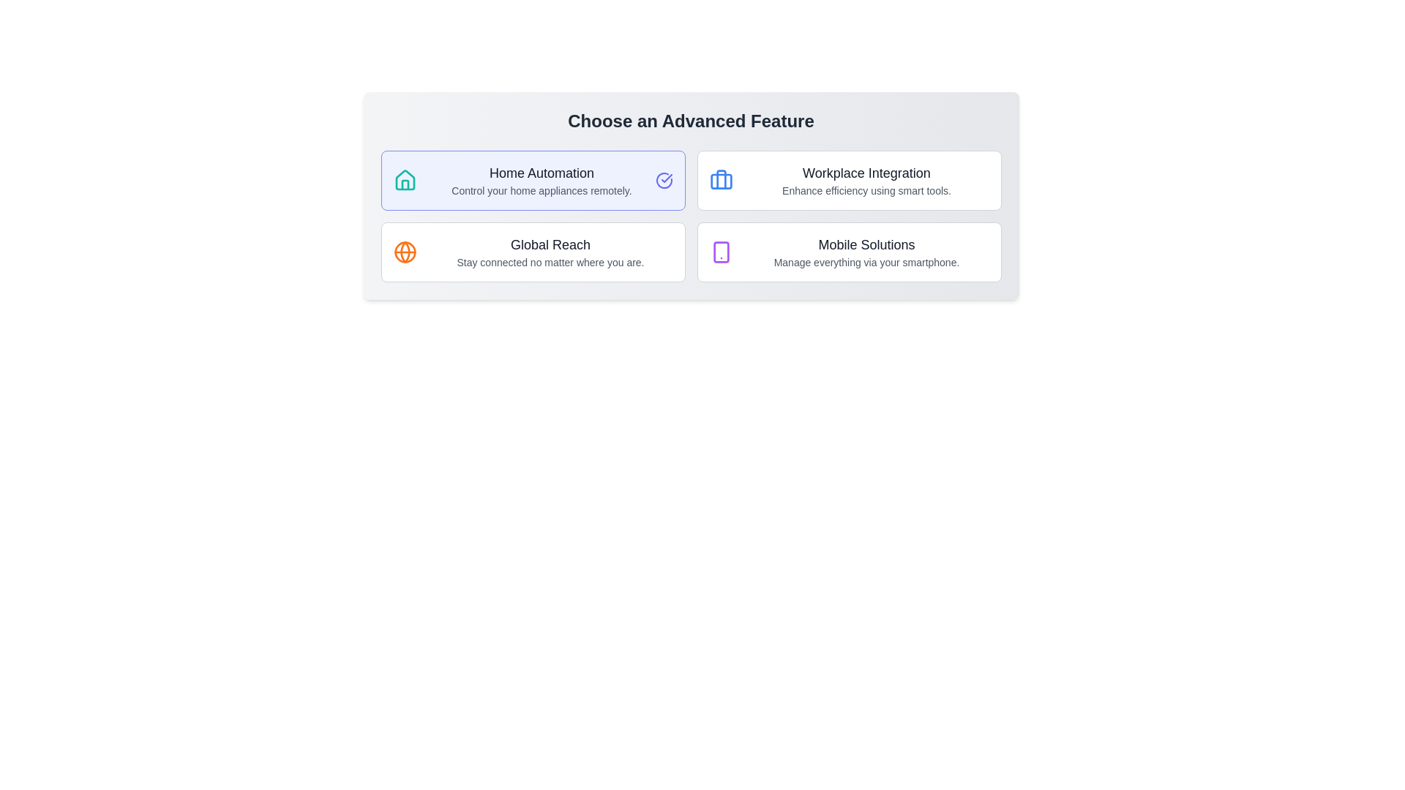 The height and width of the screenshot is (790, 1405). What do you see at coordinates (866, 261) in the screenshot?
I see `text label that states 'Manage everything via your smartphone.' located below the title 'Mobile Solutions' in the bottom-right cell of the interface` at bounding box center [866, 261].